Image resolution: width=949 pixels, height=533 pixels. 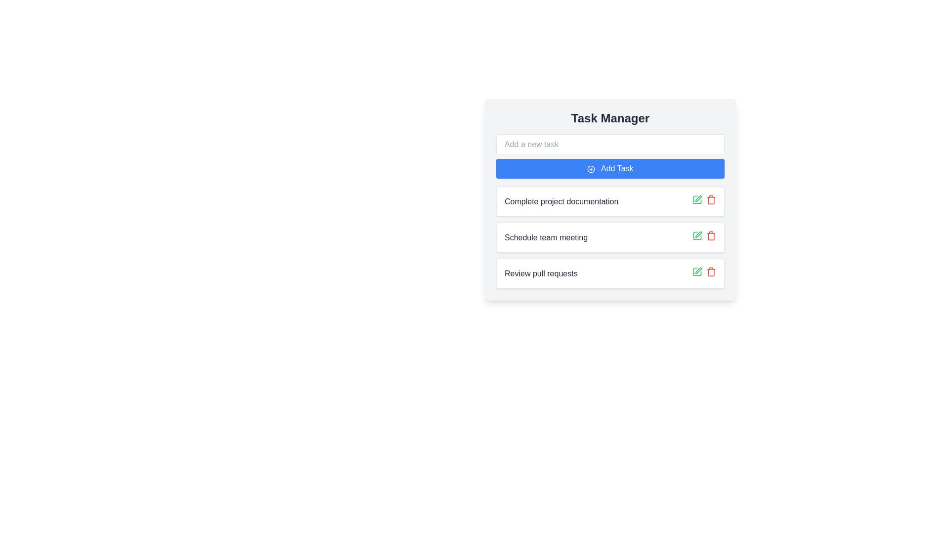 I want to click on the icon representing the action, so click(x=591, y=168).